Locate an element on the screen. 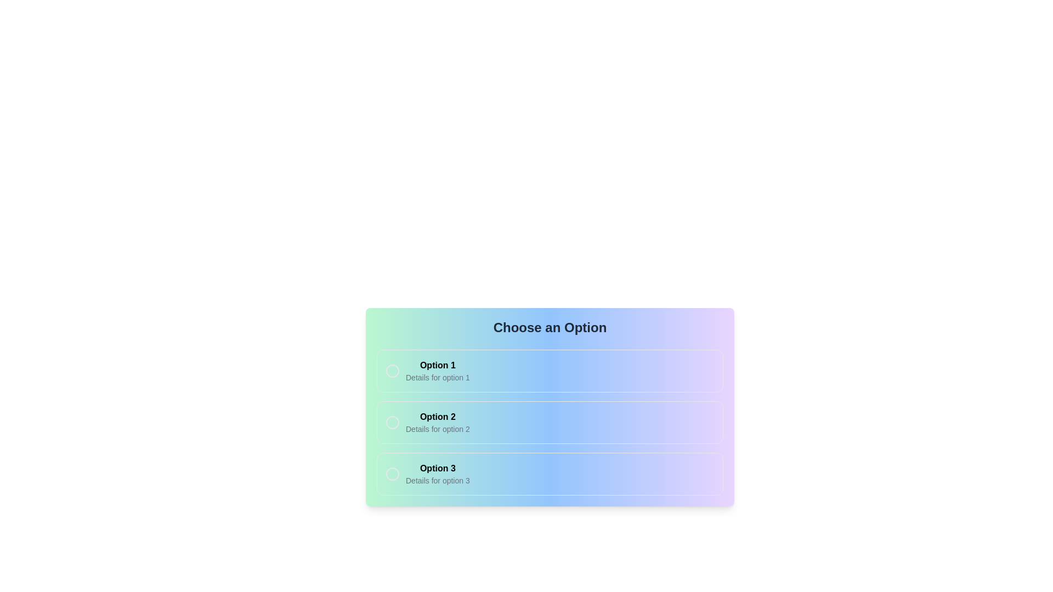 The width and height of the screenshot is (1053, 592). the blue-filled circular radio button indicating the selected state is located at coordinates (392, 422).